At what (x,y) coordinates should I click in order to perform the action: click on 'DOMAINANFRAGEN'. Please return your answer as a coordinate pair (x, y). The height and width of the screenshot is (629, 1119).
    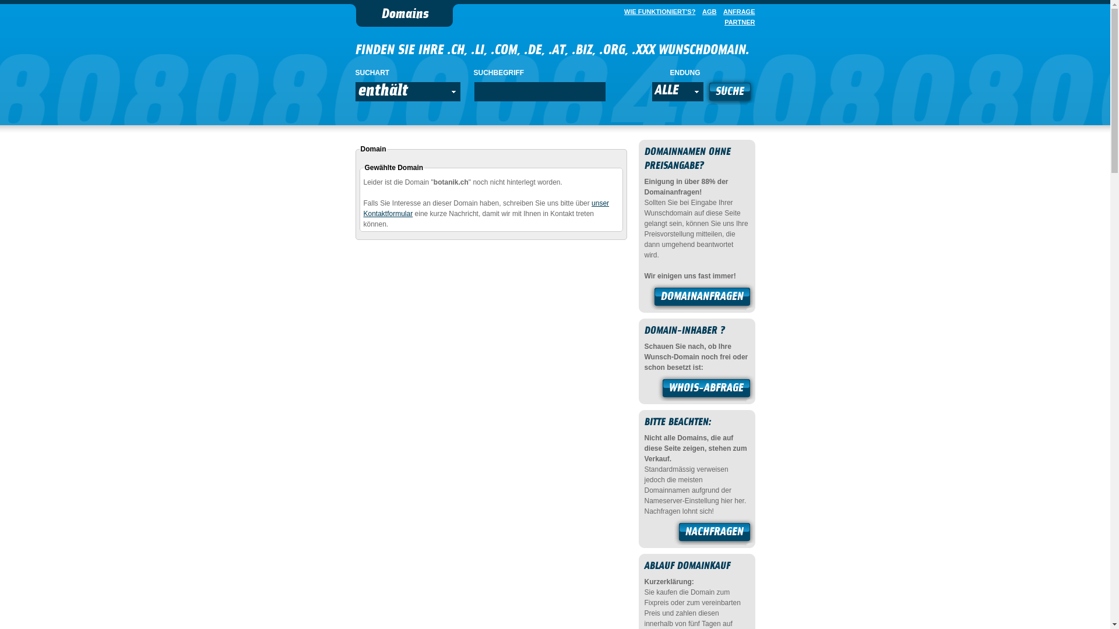
    Looking at the image, I should click on (701, 298).